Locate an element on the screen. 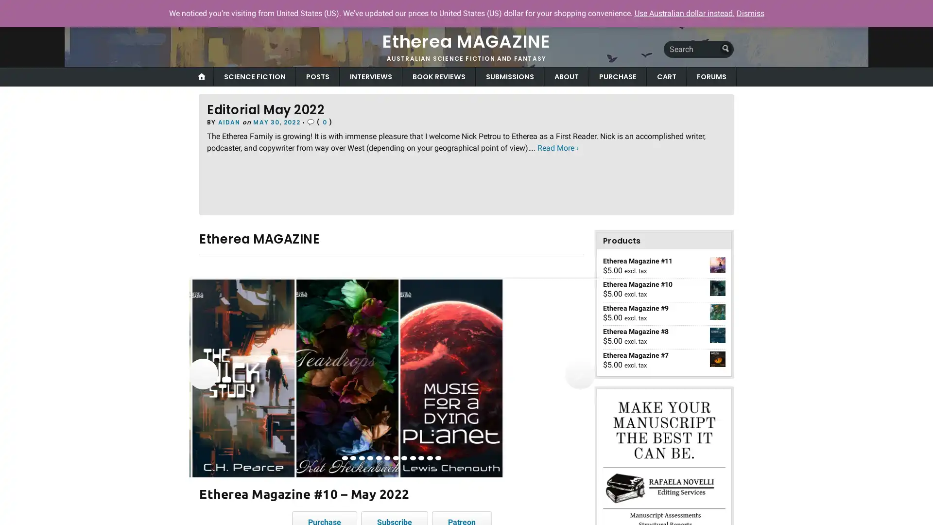  view image 10 of 12 in carousel is located at coordinates (421, 457).